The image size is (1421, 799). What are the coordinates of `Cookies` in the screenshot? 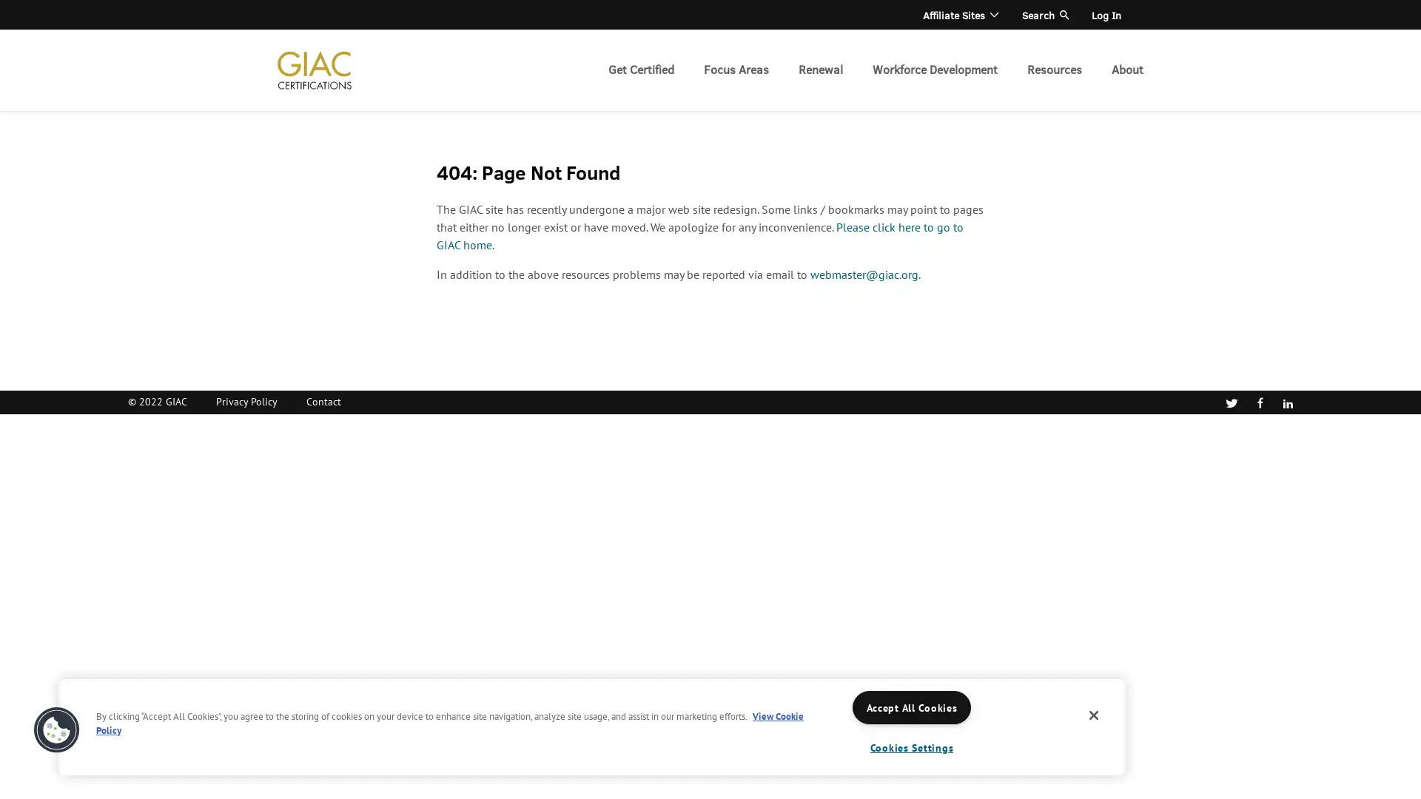 It's located at (56, 729).